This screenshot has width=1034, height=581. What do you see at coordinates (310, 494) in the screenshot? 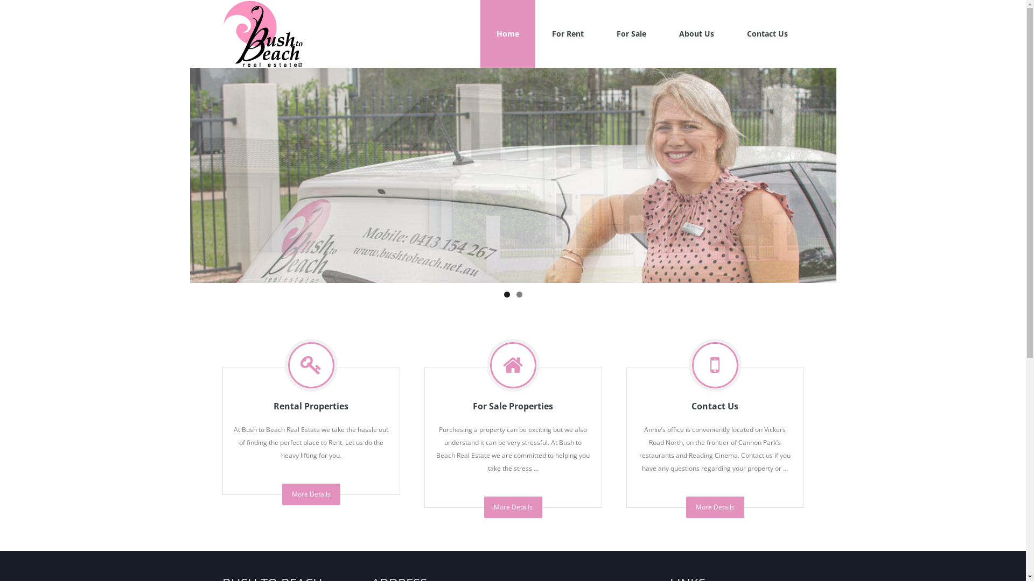
I see `'More Details'` at bounding box center [310, 494].